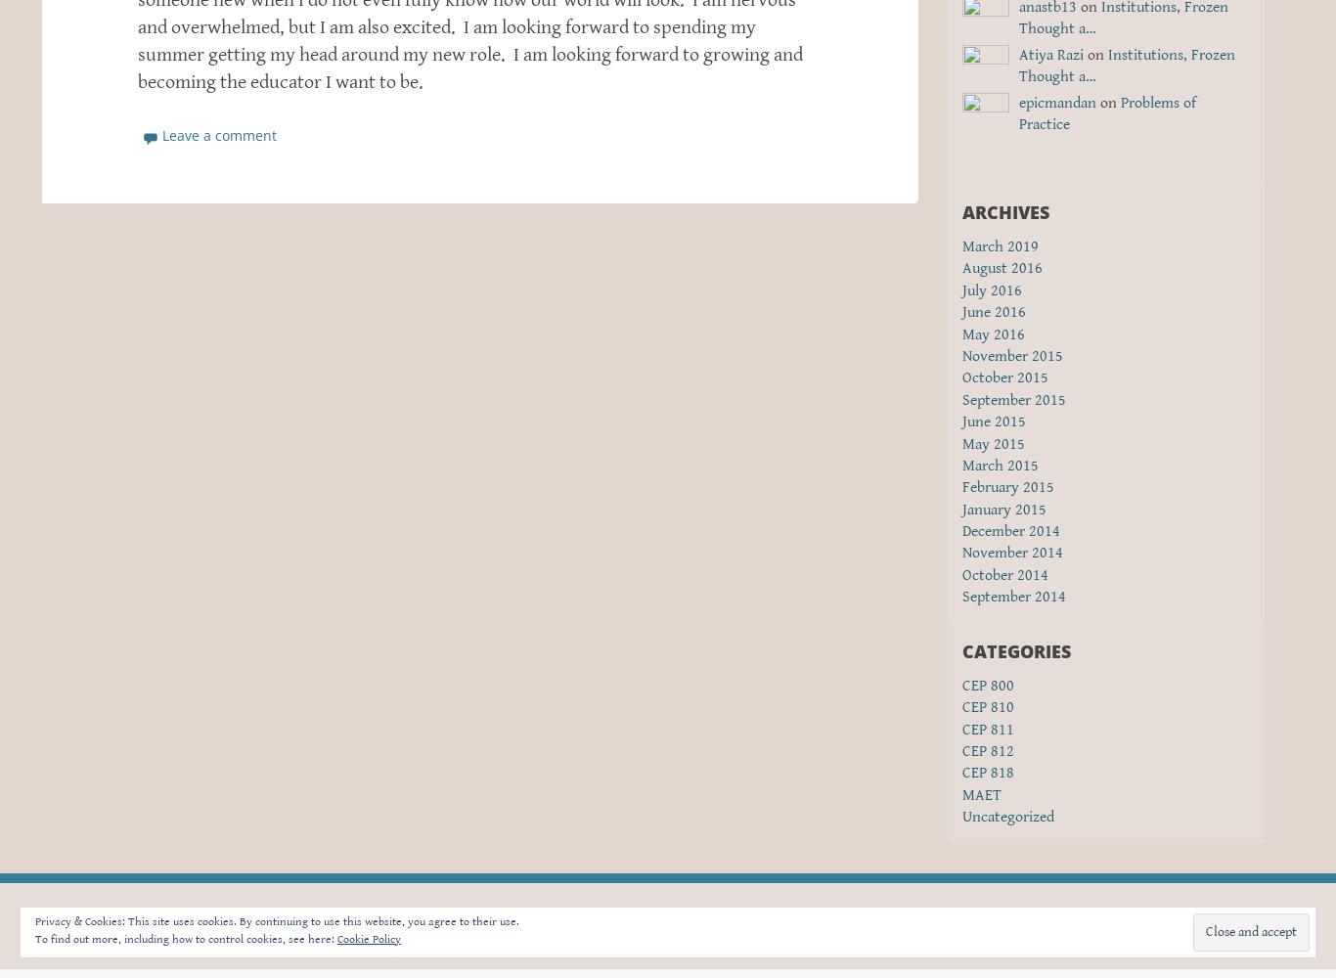 This screenshot has width=1336, height=978. Describe the element at coordinates (1002, 268) in the screenshot. I see `'August 2016'` at that location.